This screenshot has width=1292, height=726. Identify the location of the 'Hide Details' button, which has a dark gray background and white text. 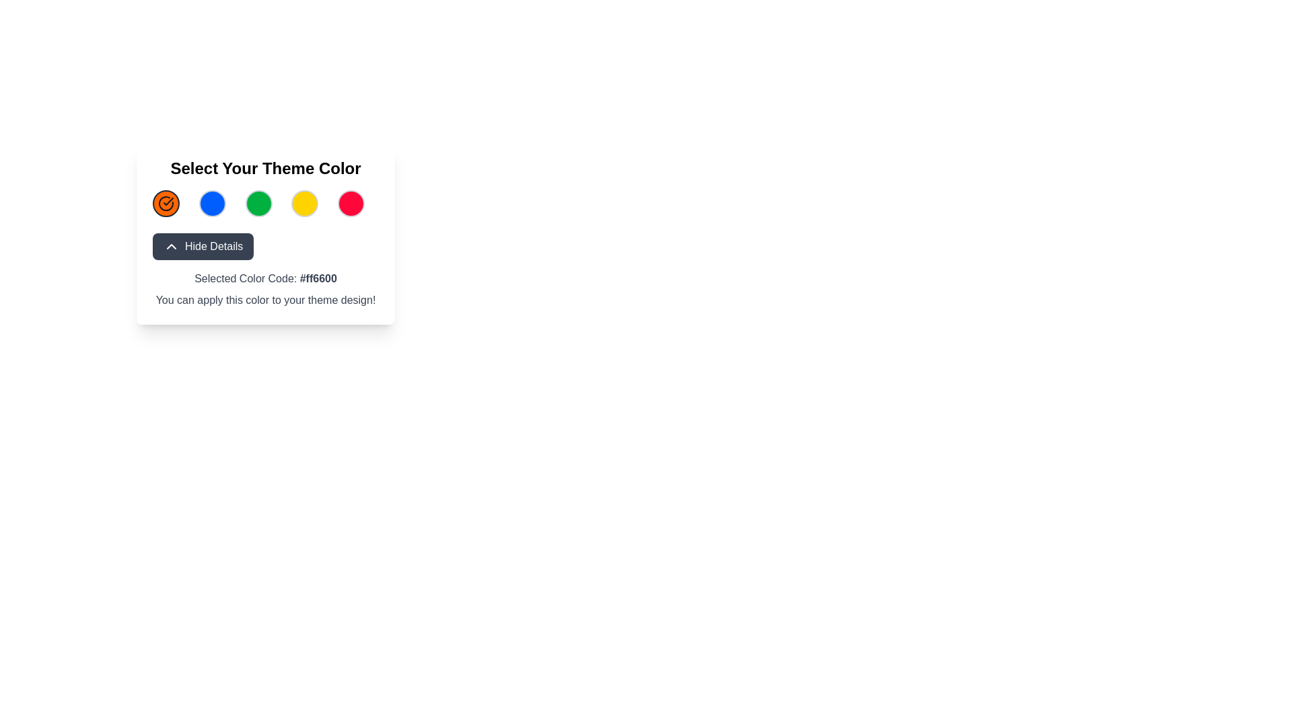
(203, 246).